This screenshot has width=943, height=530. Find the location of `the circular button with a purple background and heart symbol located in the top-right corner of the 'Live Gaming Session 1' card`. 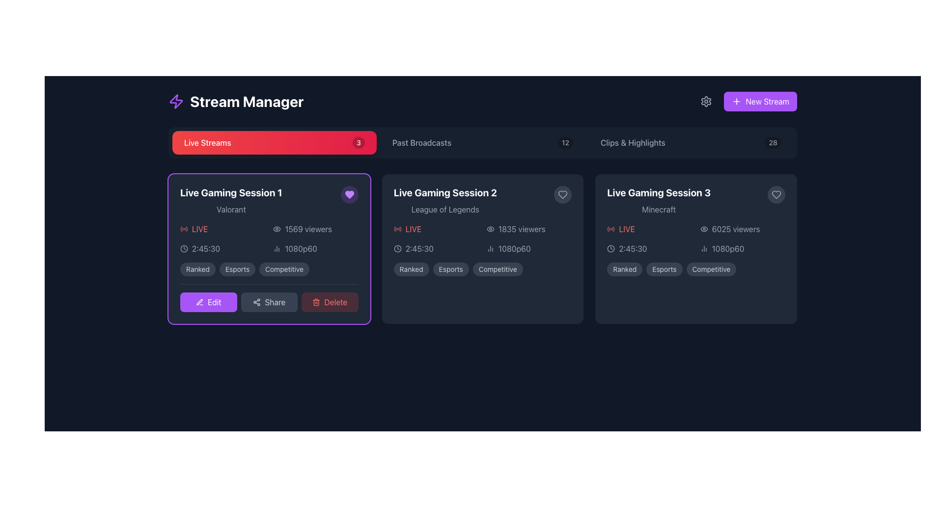

the circular button with a purple background and heart symbol located in the top-right corner of the 'Live Gaming Session 1' card is located at coordinates (349, 195).